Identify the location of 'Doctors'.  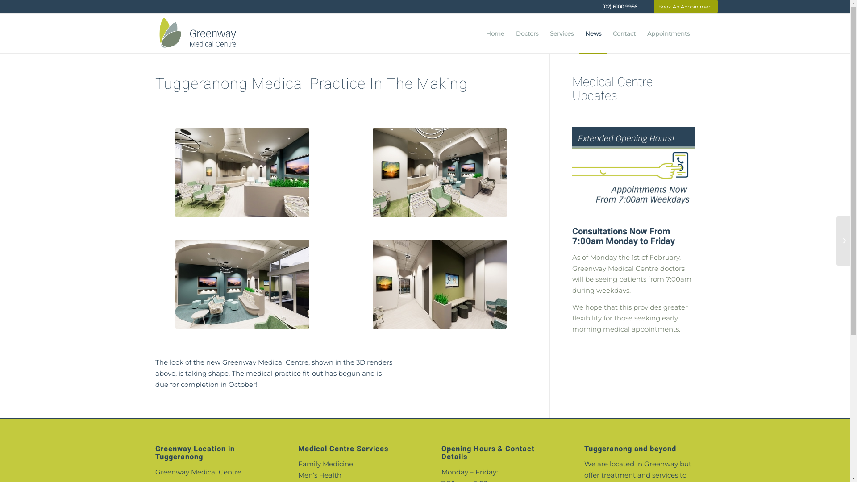
(527, 33).